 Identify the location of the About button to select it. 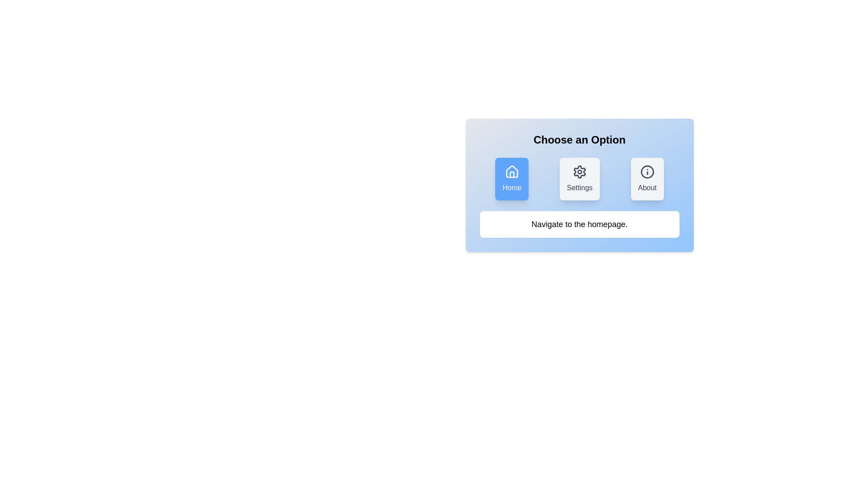
(647, 179).